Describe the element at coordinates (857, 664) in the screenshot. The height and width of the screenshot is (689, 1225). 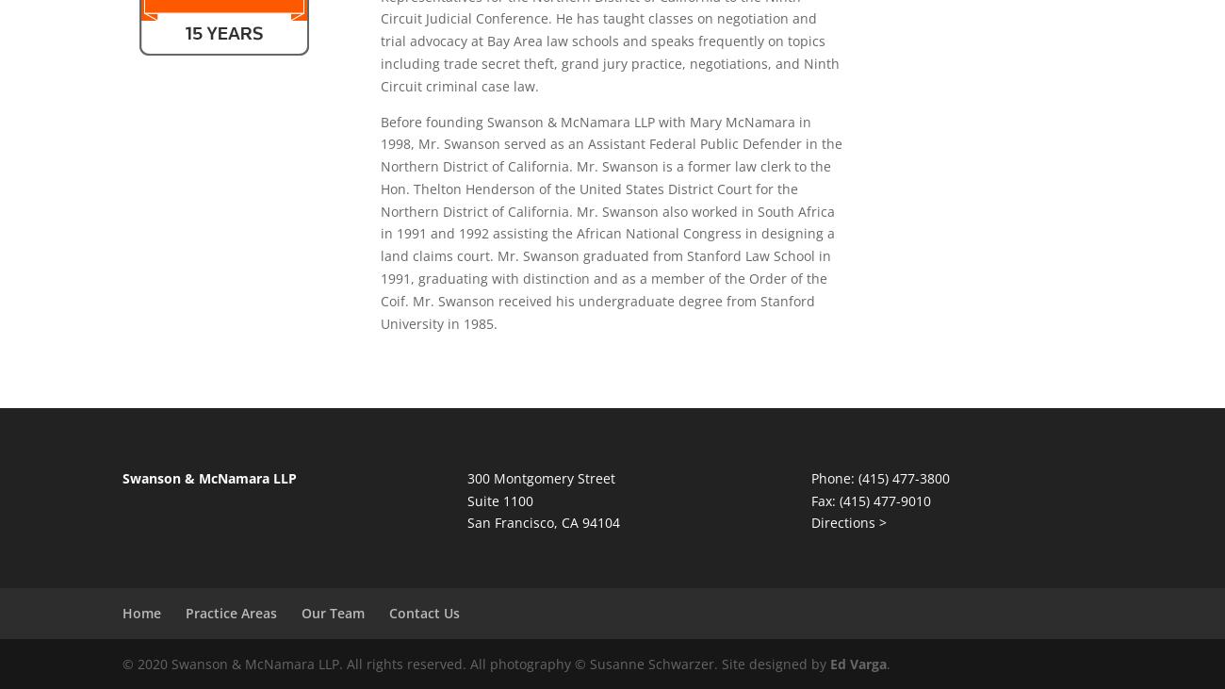
I see `'Ed Varga'` at that location.